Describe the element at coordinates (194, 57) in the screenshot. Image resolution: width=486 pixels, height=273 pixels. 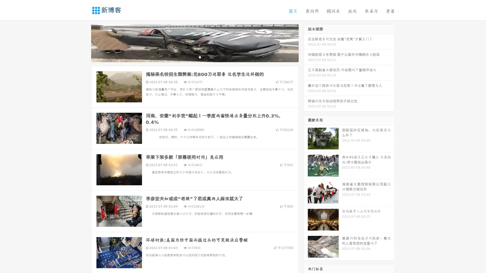
I see `Go to slide 2` at that location.